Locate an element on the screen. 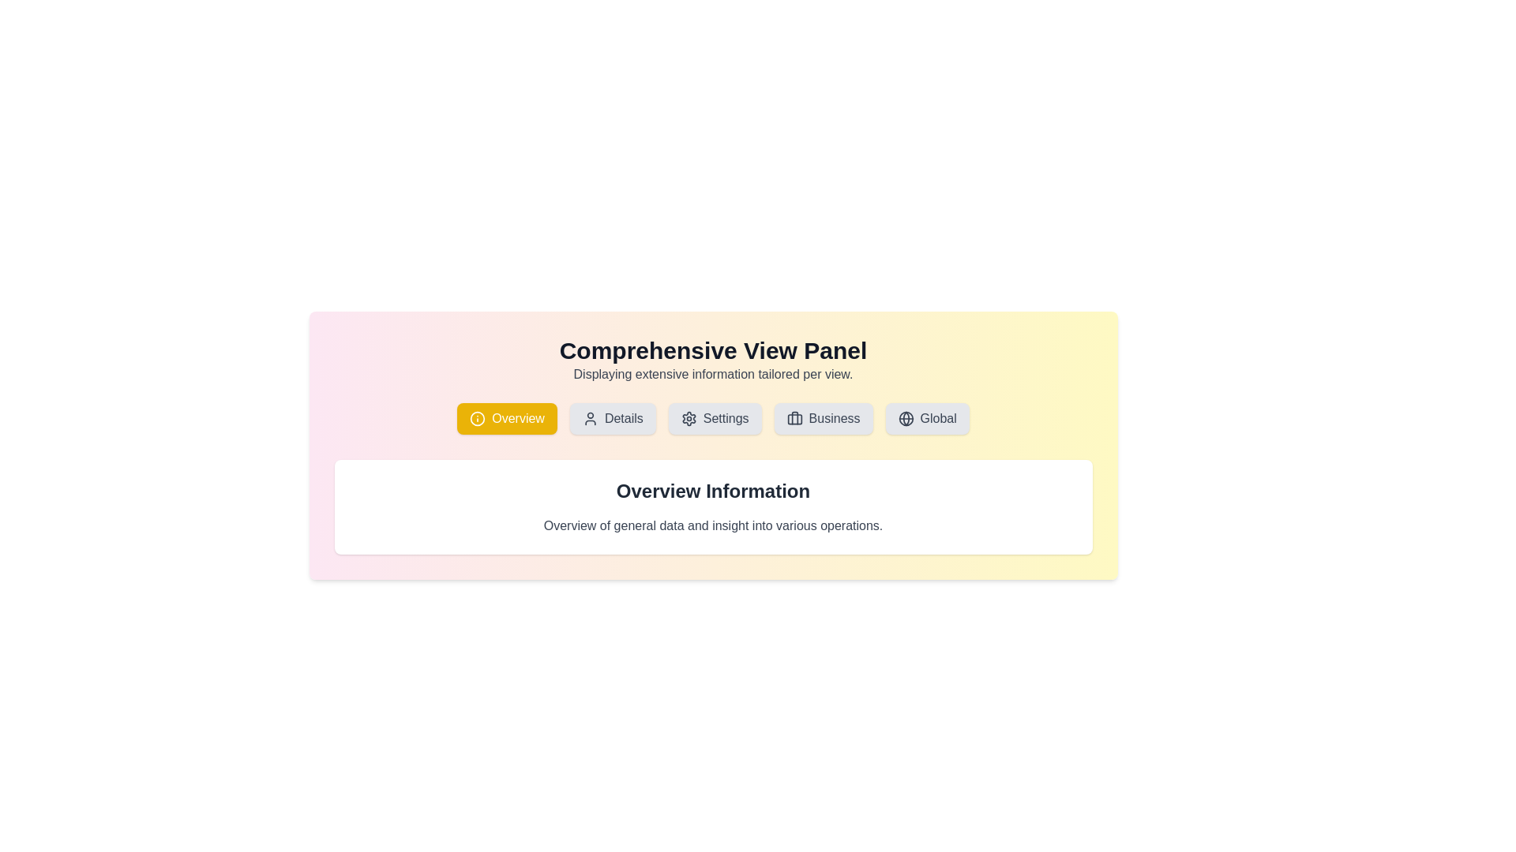 This screenshot has width=1516, height=852. the circular icon with a yellow outline and a dot inside, which is positioned inside the yellow button labeled 'Overview', under the header 'Comprehensive View Panel' is located at coordinates (477, 418).